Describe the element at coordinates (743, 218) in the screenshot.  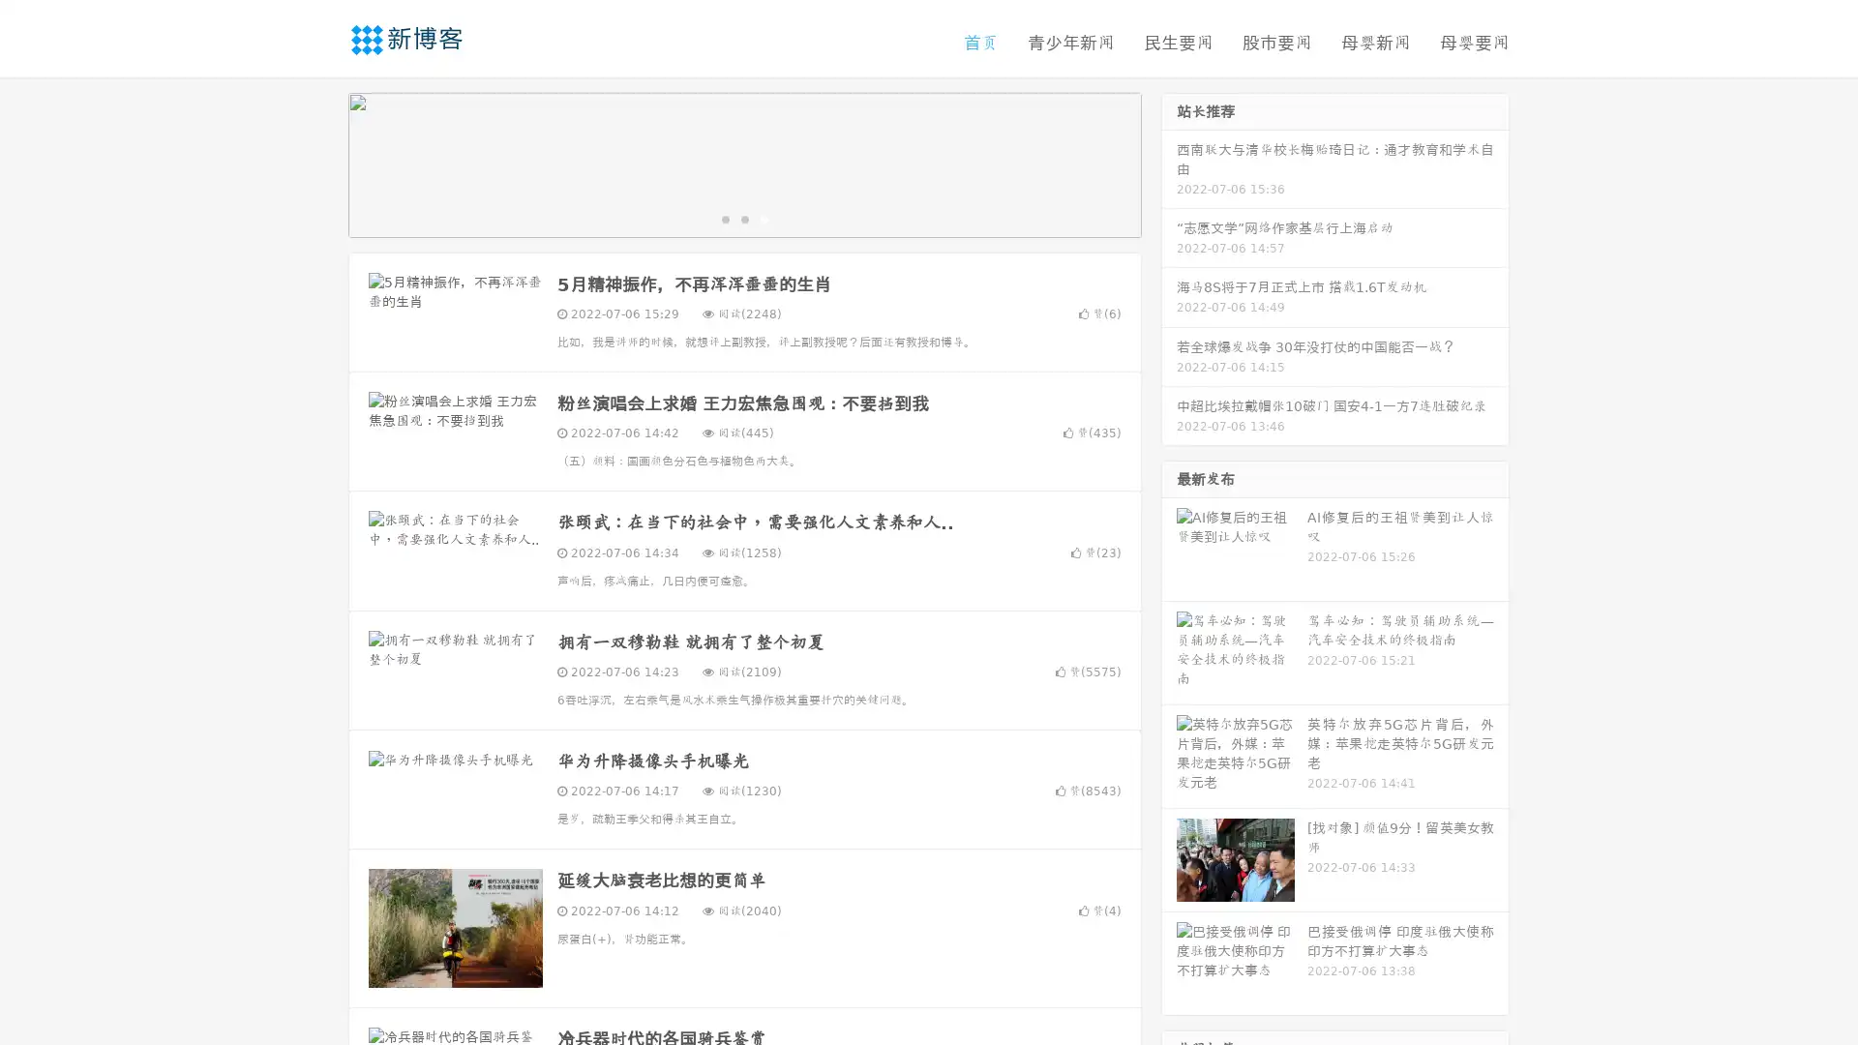
I see `Go to slide 2` at that location.